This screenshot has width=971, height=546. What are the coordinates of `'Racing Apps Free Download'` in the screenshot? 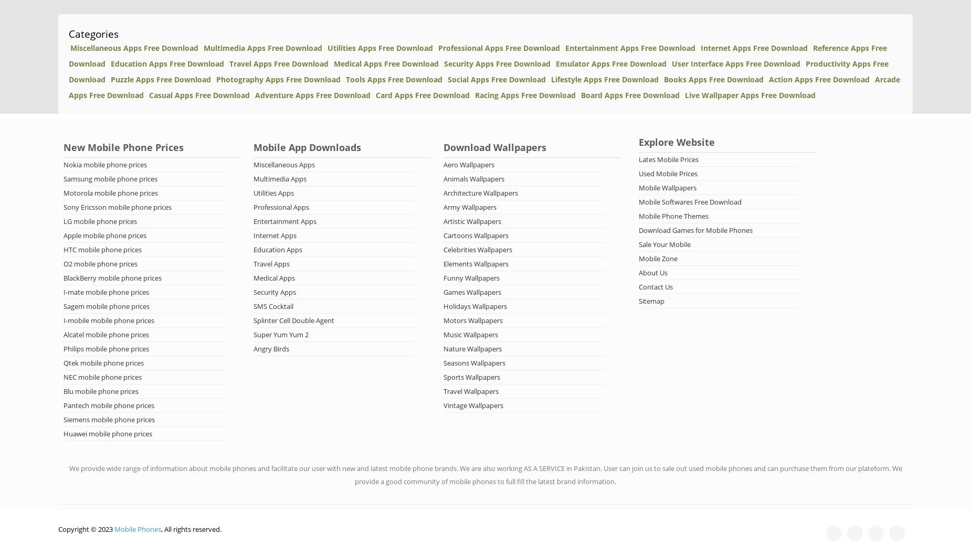 It's located at (525, 95).